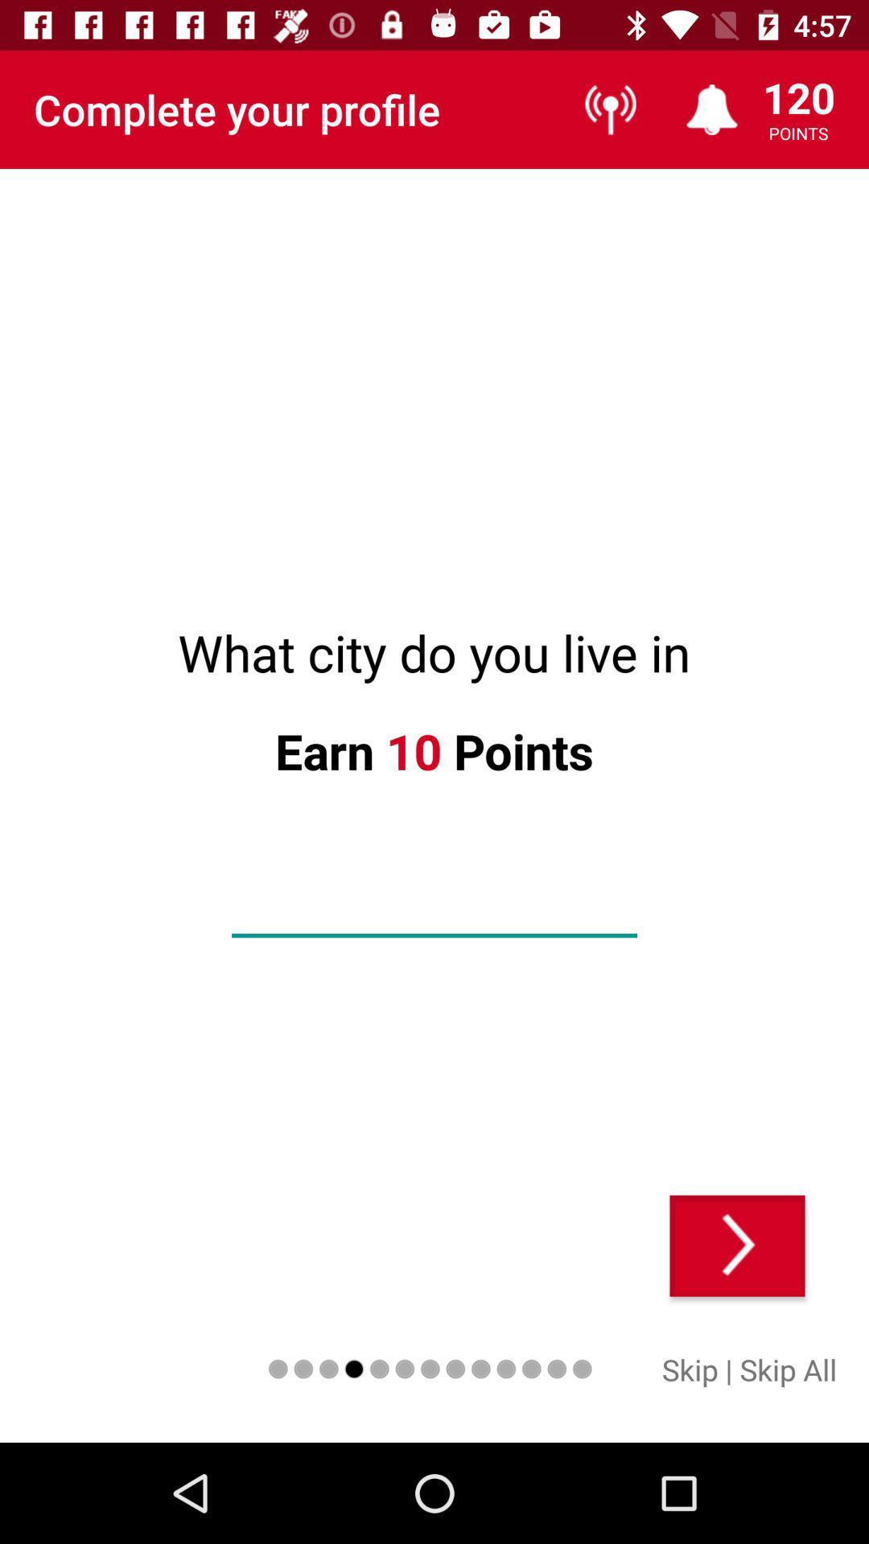 Image resolution: width=869 pixels, height=1544 pixels. Describe the element at coordinates (787, 1369) in the screenshot. I see `the skip all icon` at that location.